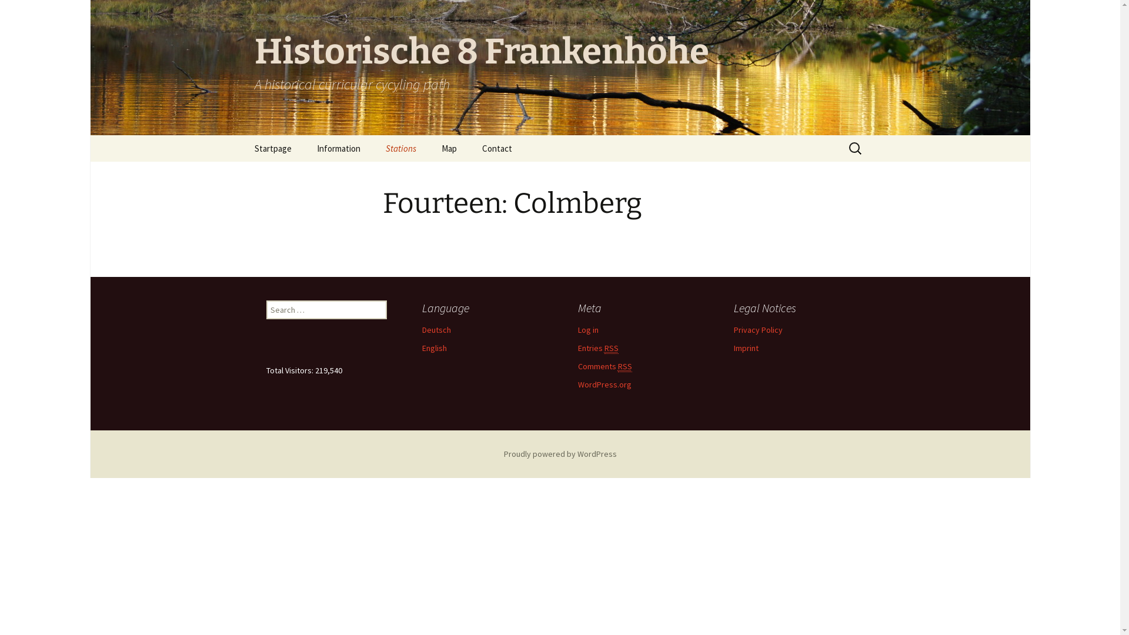 The image size is (1129, 635). I want to click on 'Deutsch', so click(436, 329).